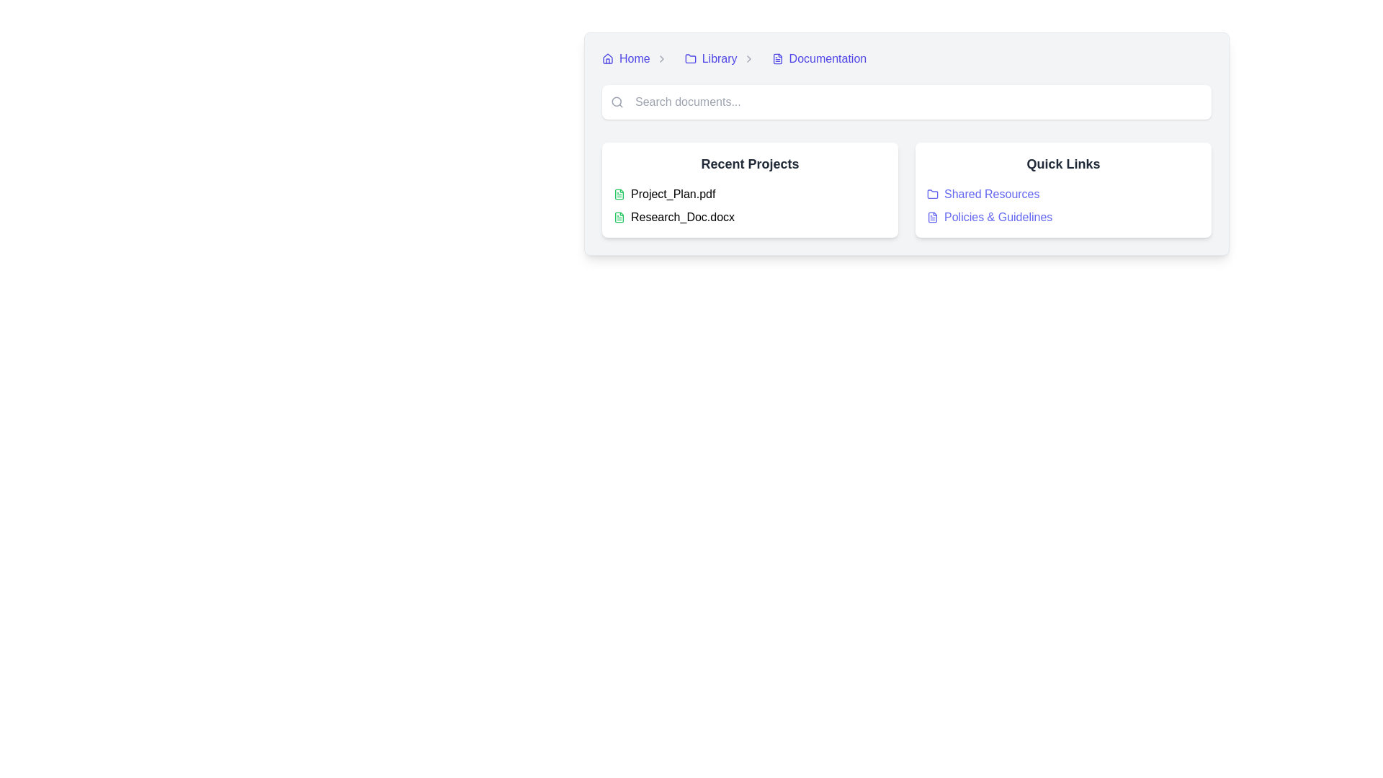 Image resolution: width=1383 pixels, height=778 pixels. What do you see at coordinates (819, 58) in the screenshot?
I see `the interactive hyperlink labeled 'Documentation' in the breadcrumb navigation` at bounding box center [819, 58].